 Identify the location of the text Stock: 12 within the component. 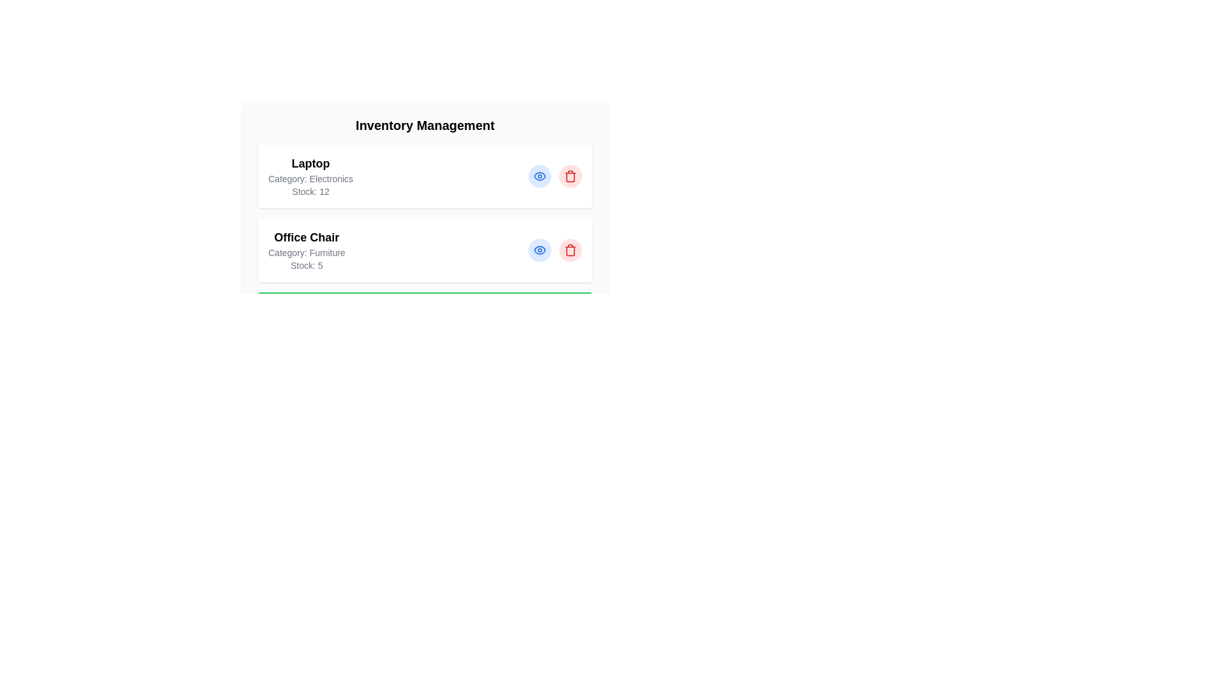
(310, 191).